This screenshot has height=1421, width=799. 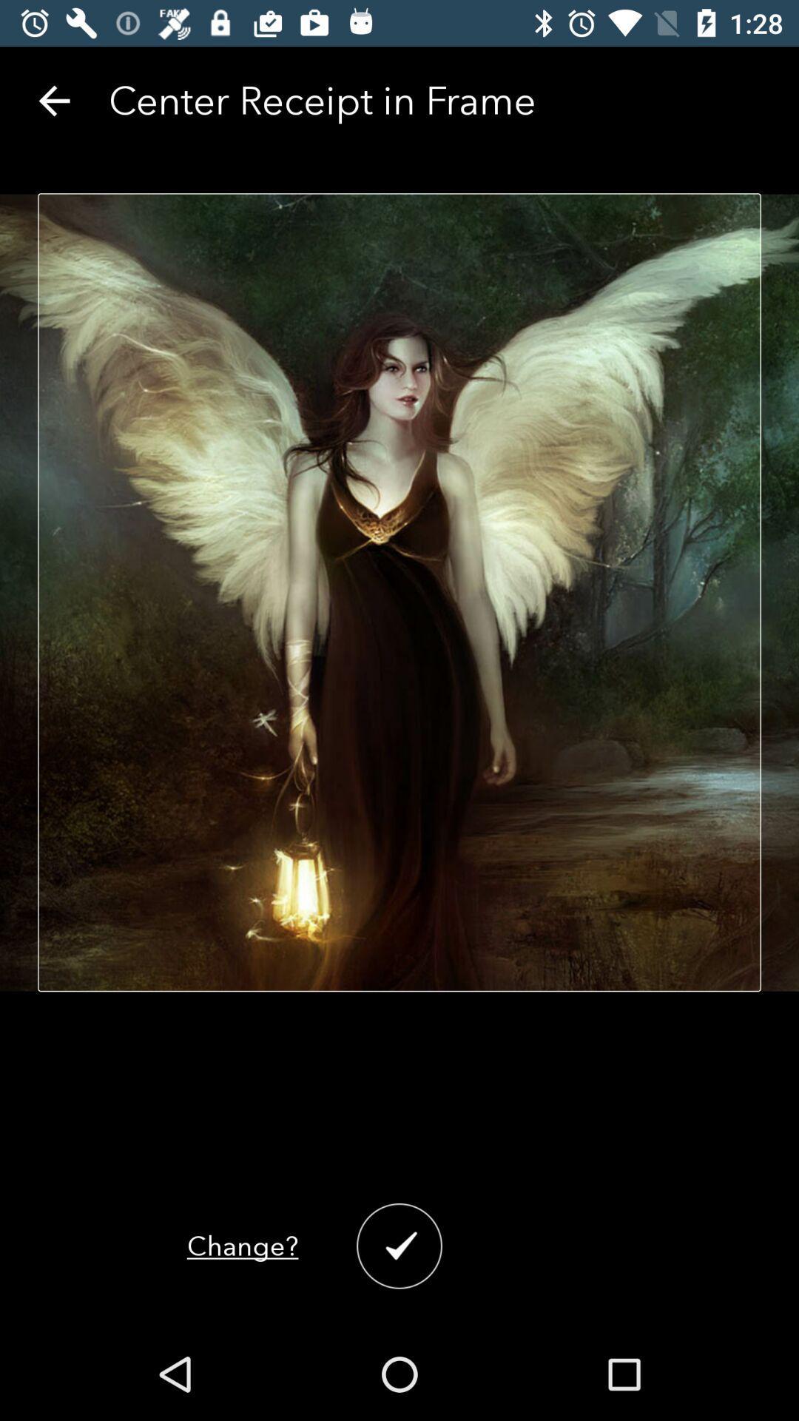 I want to click on icon to the right of the change?, so click(x=399, y=1245).